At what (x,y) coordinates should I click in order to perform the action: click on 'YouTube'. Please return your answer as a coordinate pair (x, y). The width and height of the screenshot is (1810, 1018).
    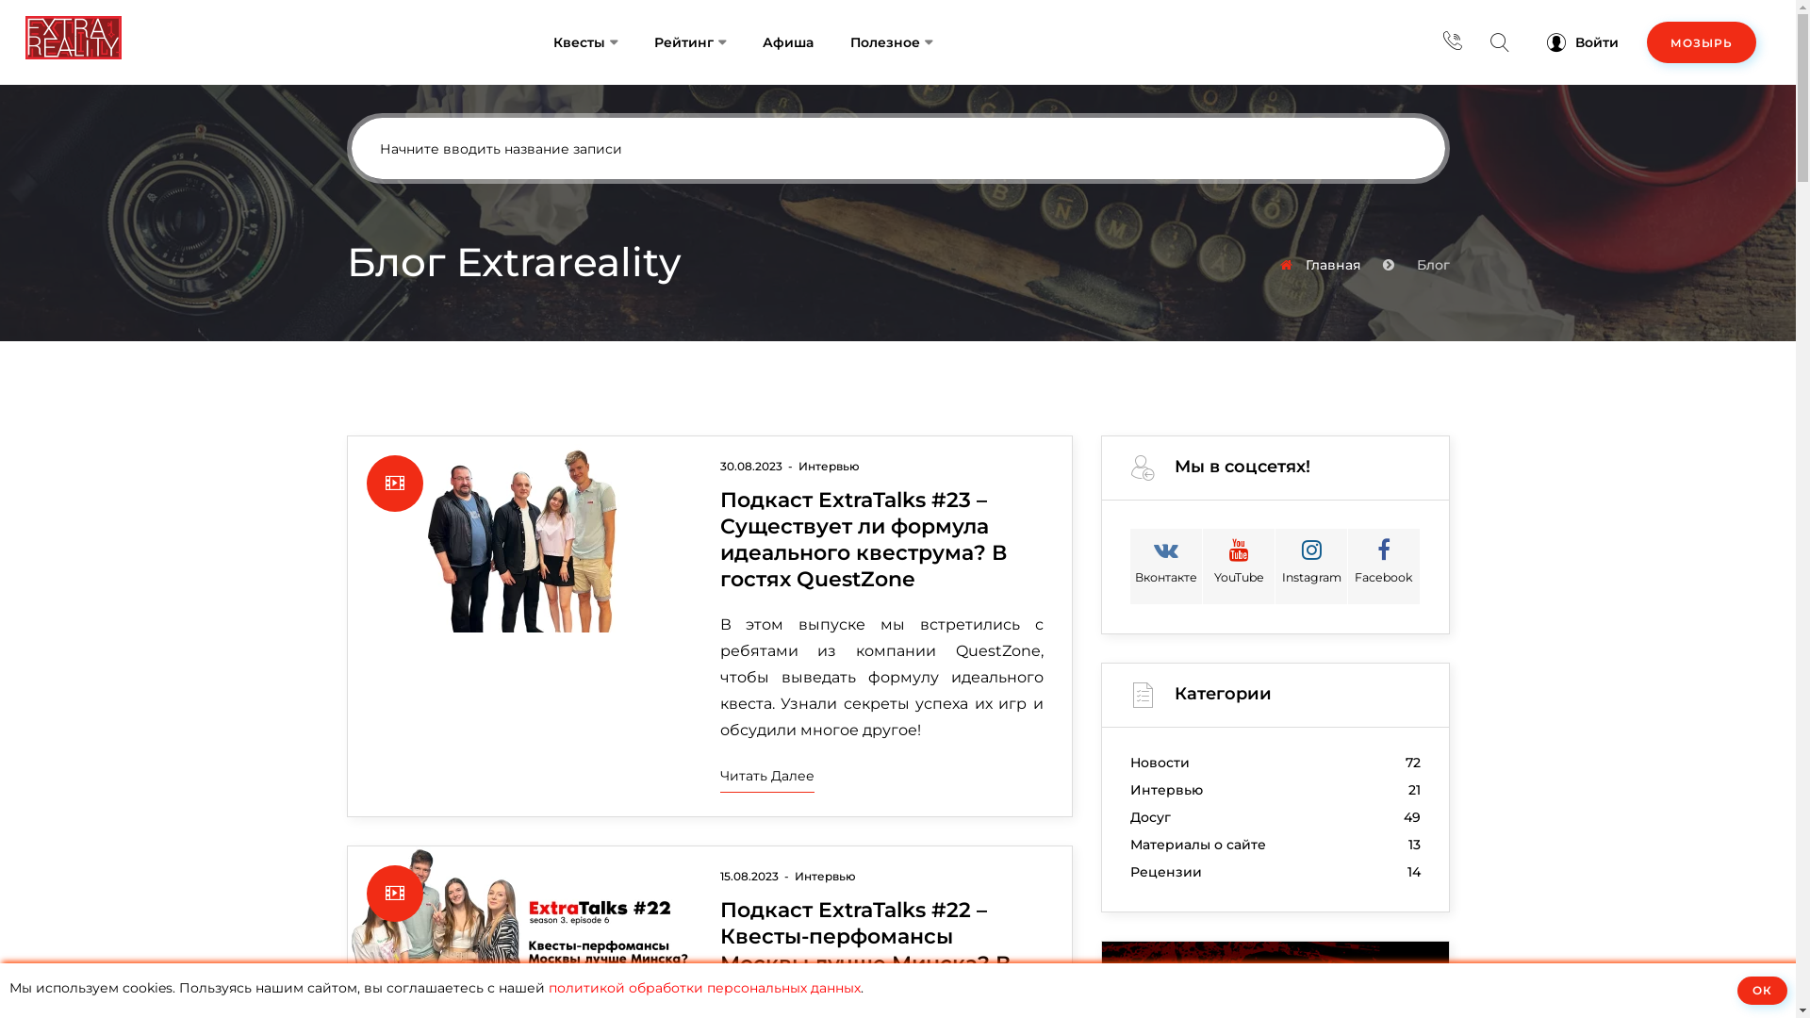
    Looking at the image, I should click on (1239, 566).